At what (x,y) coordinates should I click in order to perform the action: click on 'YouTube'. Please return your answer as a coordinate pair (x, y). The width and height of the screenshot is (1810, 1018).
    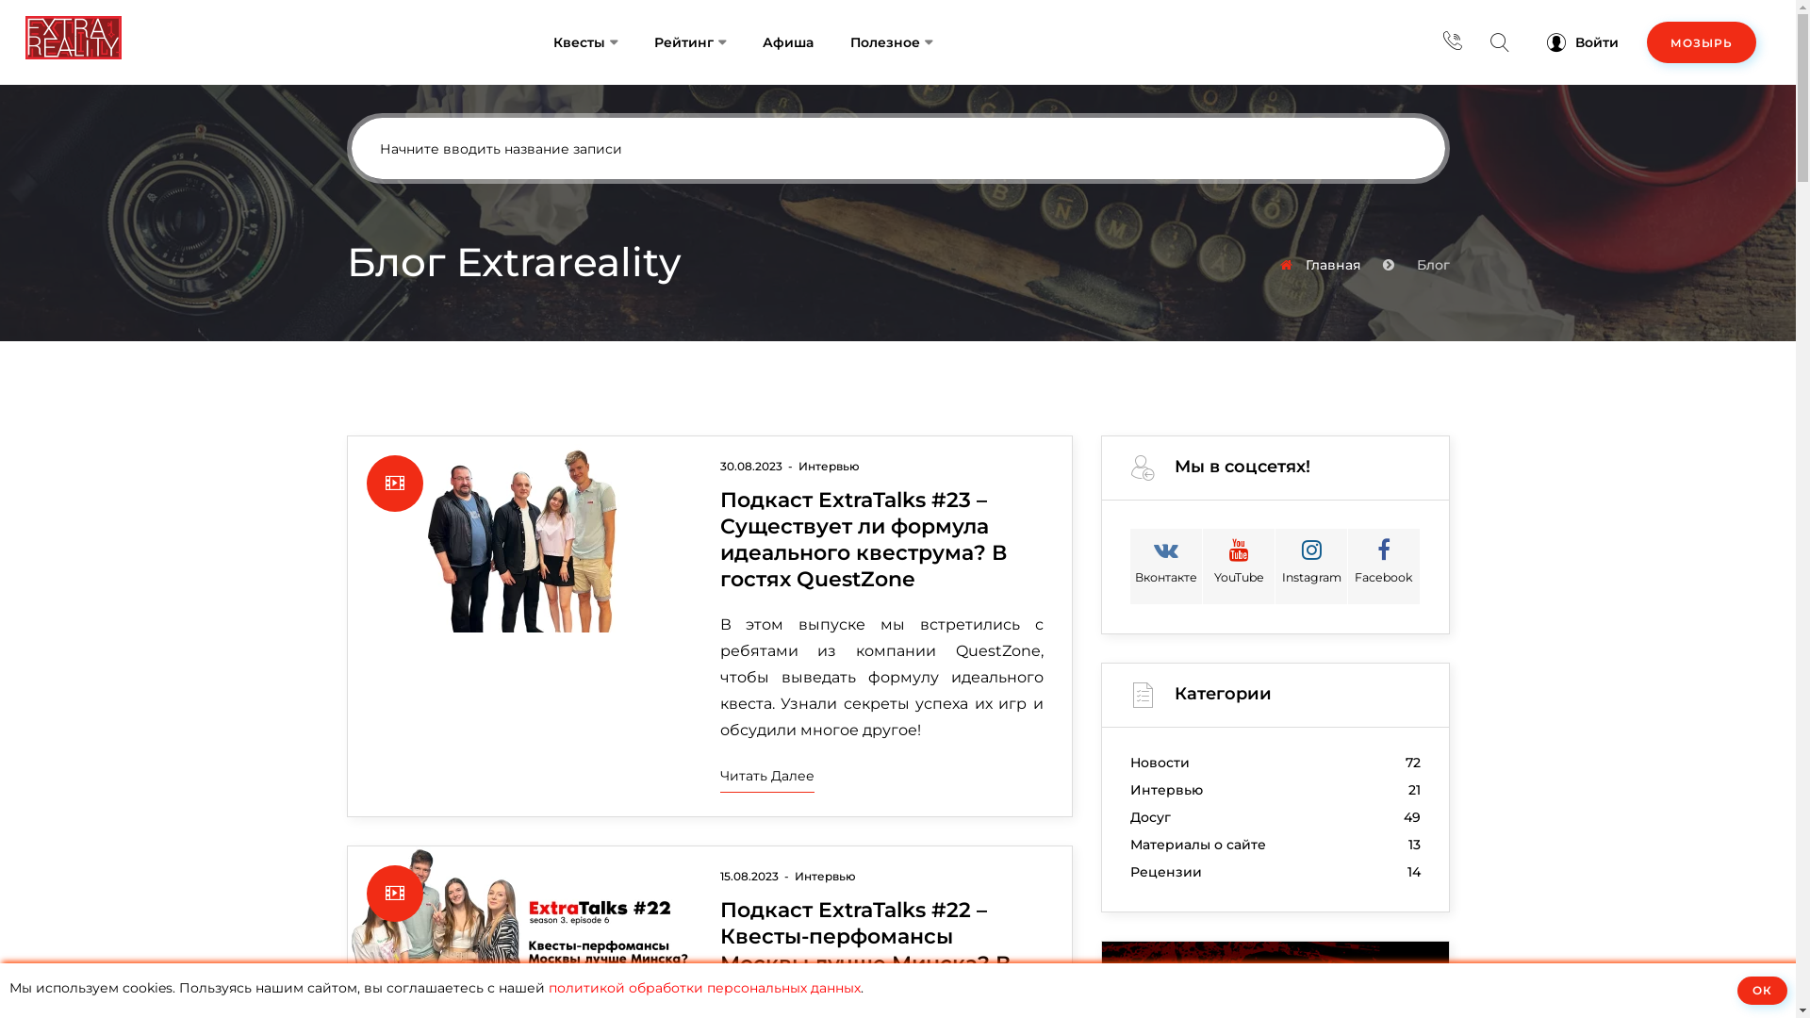
    Looking at the image, I should click on (1239, 566).